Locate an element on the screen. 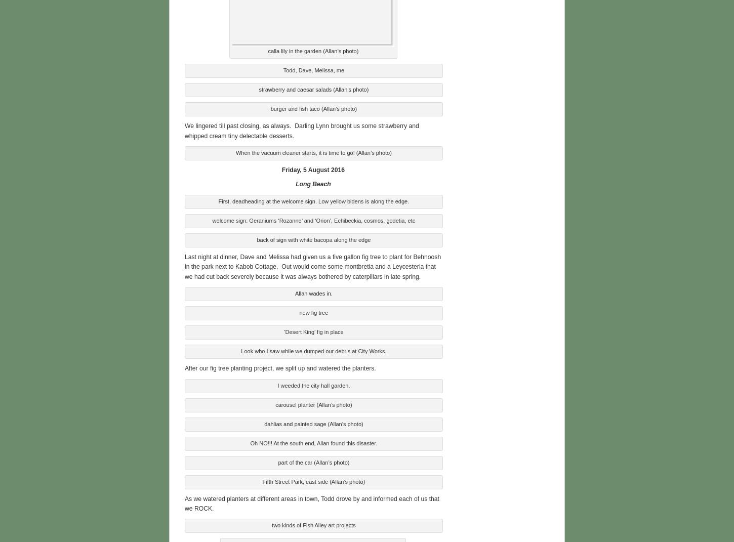  'welcome sign: Geraniums ‘Rozanne’ and ‘Orion’, Echibeckia, cosmos, godetia, etc' is located at coordinates (313, 219).